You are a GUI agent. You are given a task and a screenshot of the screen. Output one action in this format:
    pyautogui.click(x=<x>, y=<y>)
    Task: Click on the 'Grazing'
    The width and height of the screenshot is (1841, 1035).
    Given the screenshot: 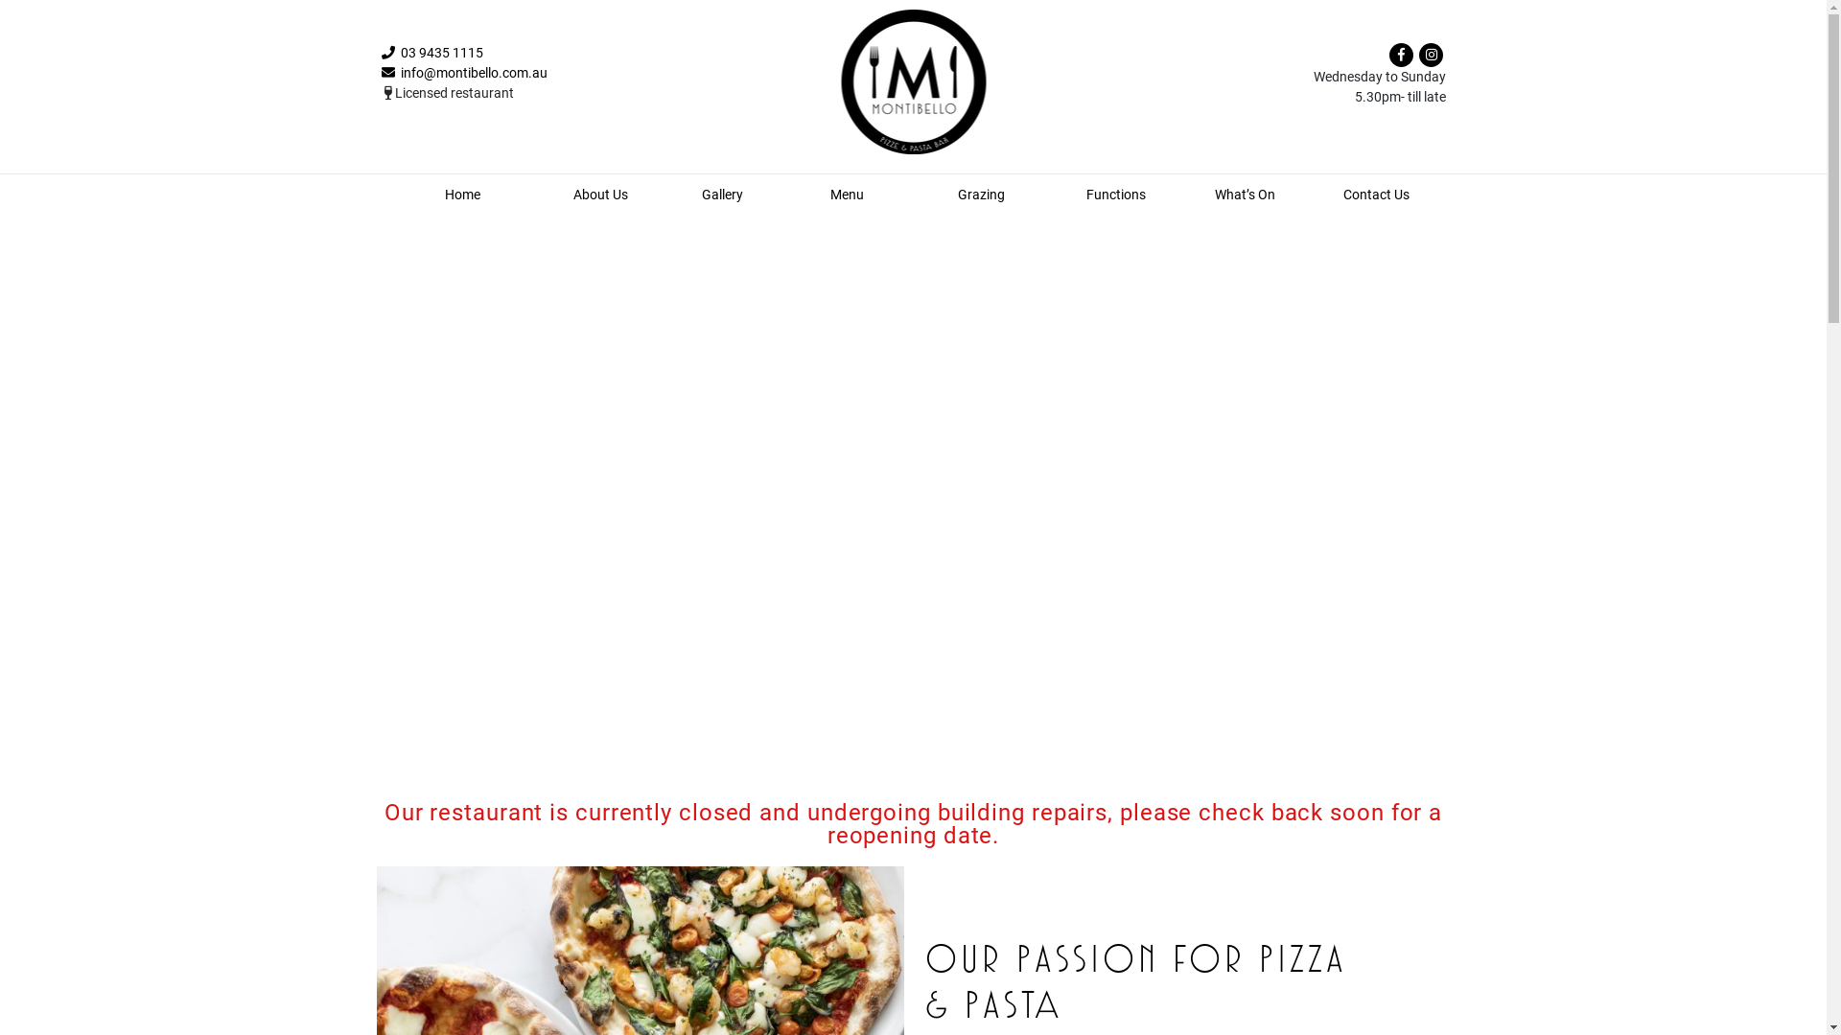 What is the action you would take?
    pyautogui.click(x=981, y=195)
    